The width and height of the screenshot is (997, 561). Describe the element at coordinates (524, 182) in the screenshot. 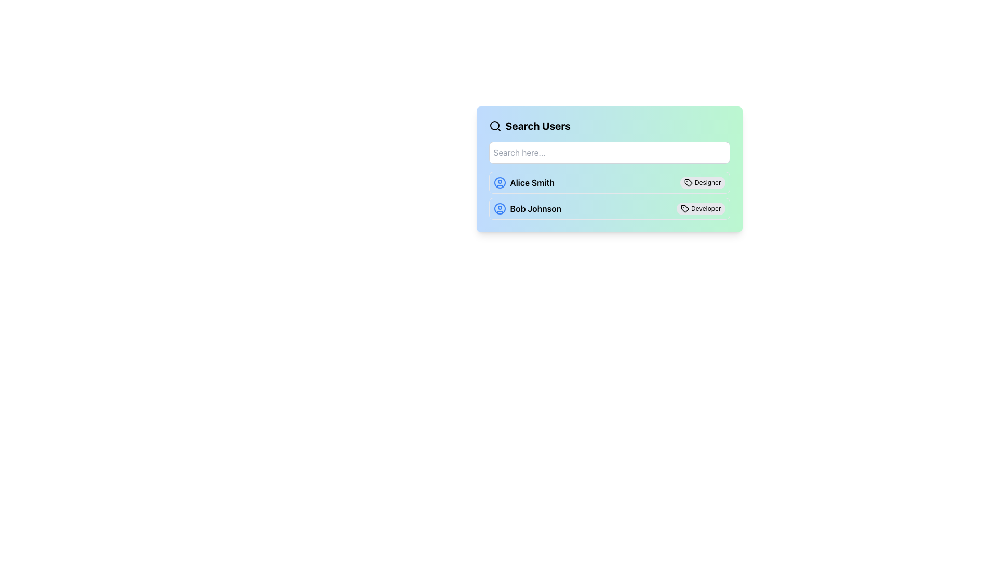

I see `label 'Alice Smith' which is in bold black font next to a circular blue user icon, located within the 'Search Users' section` at that location.